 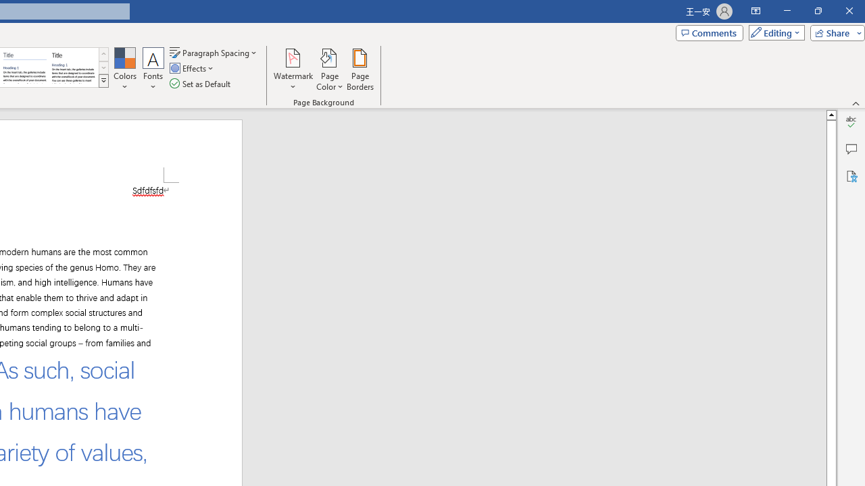 I want to click on 'Accessibility', so click(x=851, y=175).